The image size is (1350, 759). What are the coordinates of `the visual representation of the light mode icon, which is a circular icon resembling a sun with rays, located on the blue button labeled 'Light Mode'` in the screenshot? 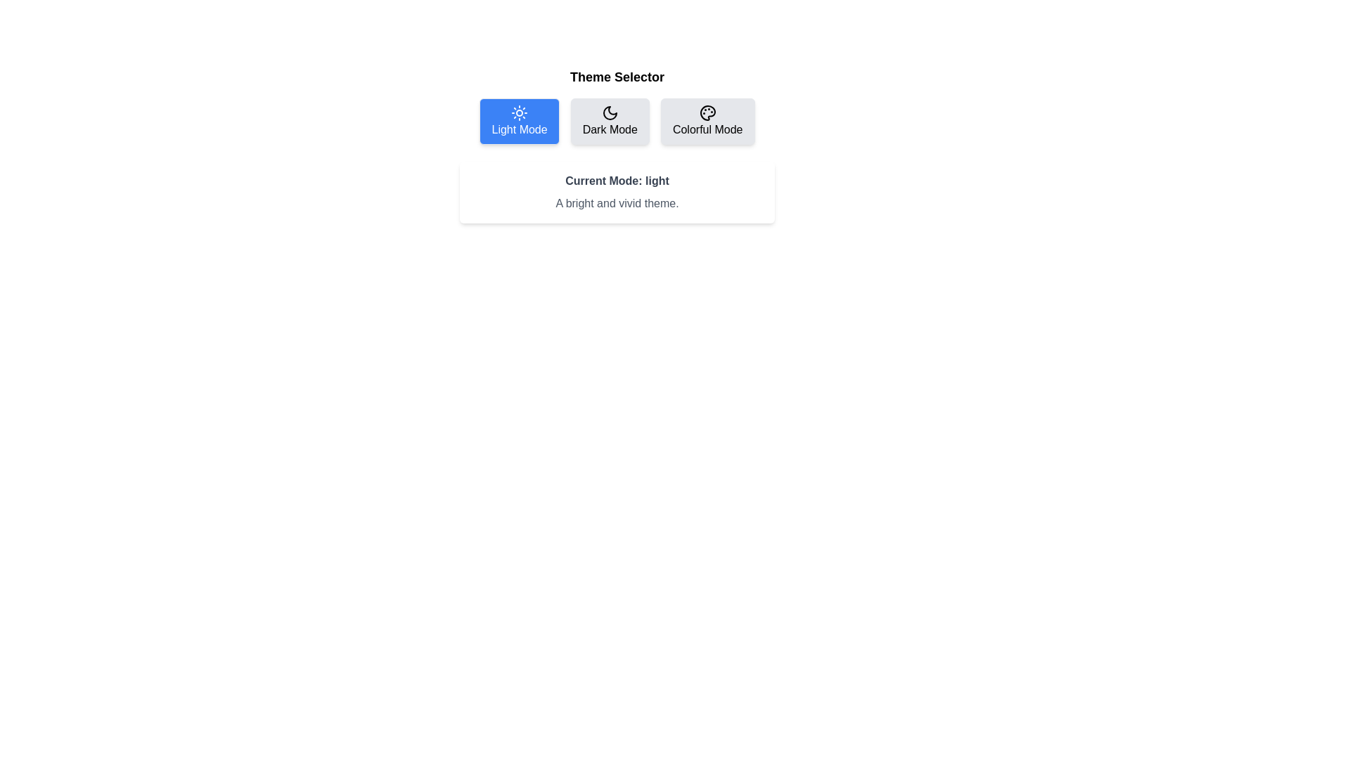 It's located at (519, 112).